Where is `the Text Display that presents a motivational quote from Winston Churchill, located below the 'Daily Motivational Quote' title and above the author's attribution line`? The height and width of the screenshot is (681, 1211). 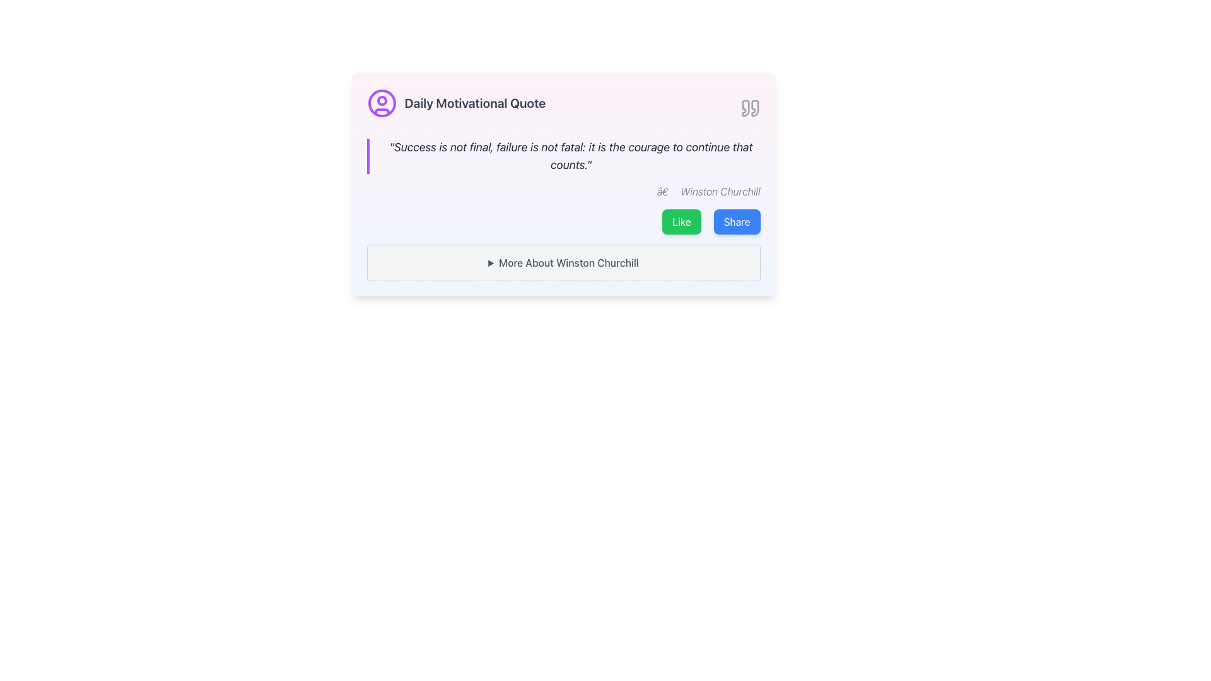 the Text Display that presents a motivational quote from Winston Churchill, located below the 'Daily Motivational Quote' title and above the author's attribution line is located at coordinates (563, 155).